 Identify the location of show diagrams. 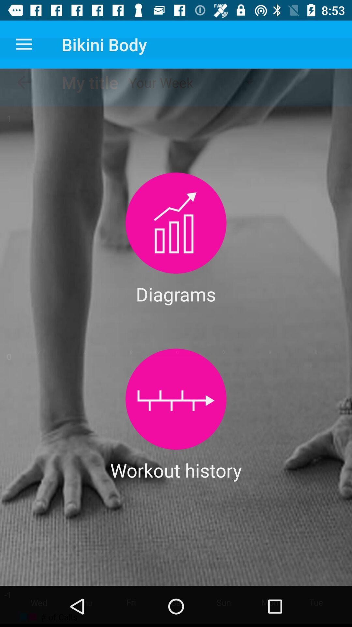
(176, 223).